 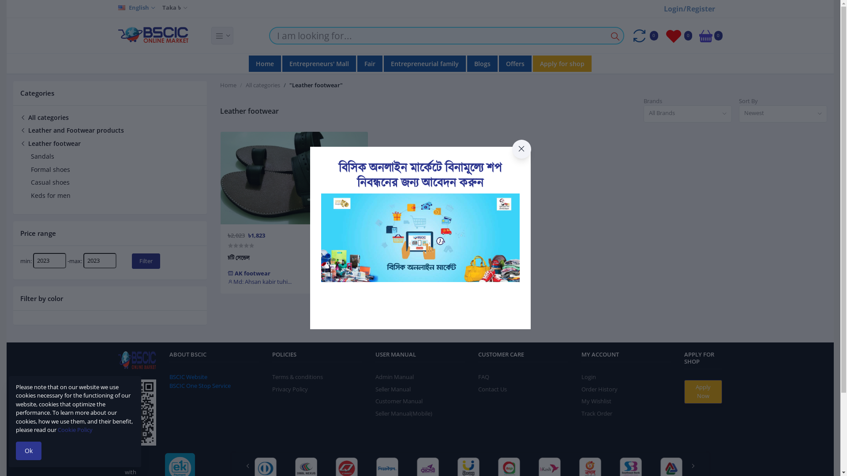 What do you see at coordinates (483, 377) in the screenshot?
I see `'FAQ'` at bounding box center [483, 377].